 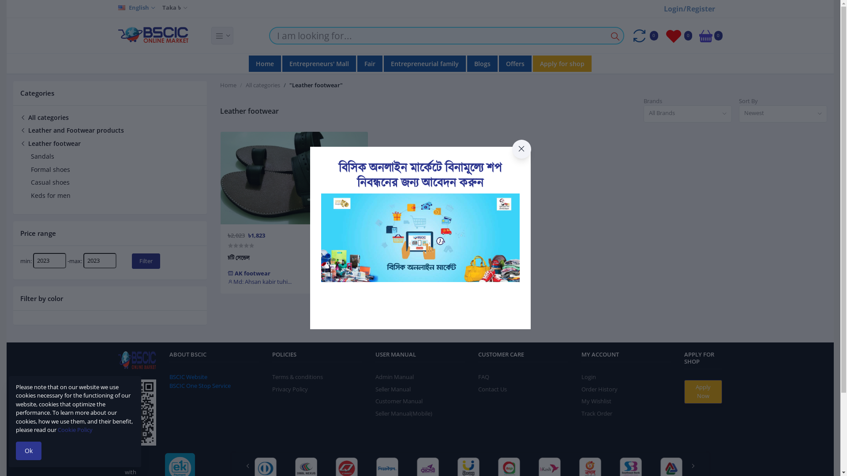 What do you see at coordinates (483, 377) in the screenshot?
I see `'FAQ'` at bounding box center [483, 377].